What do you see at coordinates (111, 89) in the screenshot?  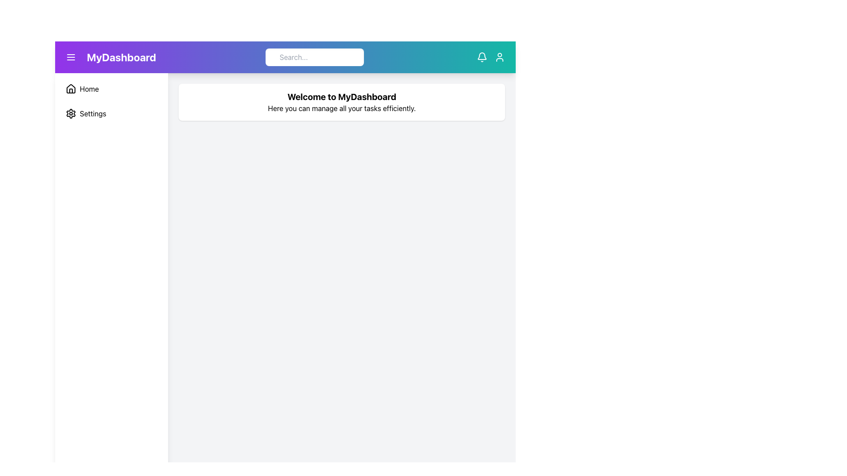 I see `the 'Home' navigation button located at the top-left section of the interface` at bounding box center [111, 89].